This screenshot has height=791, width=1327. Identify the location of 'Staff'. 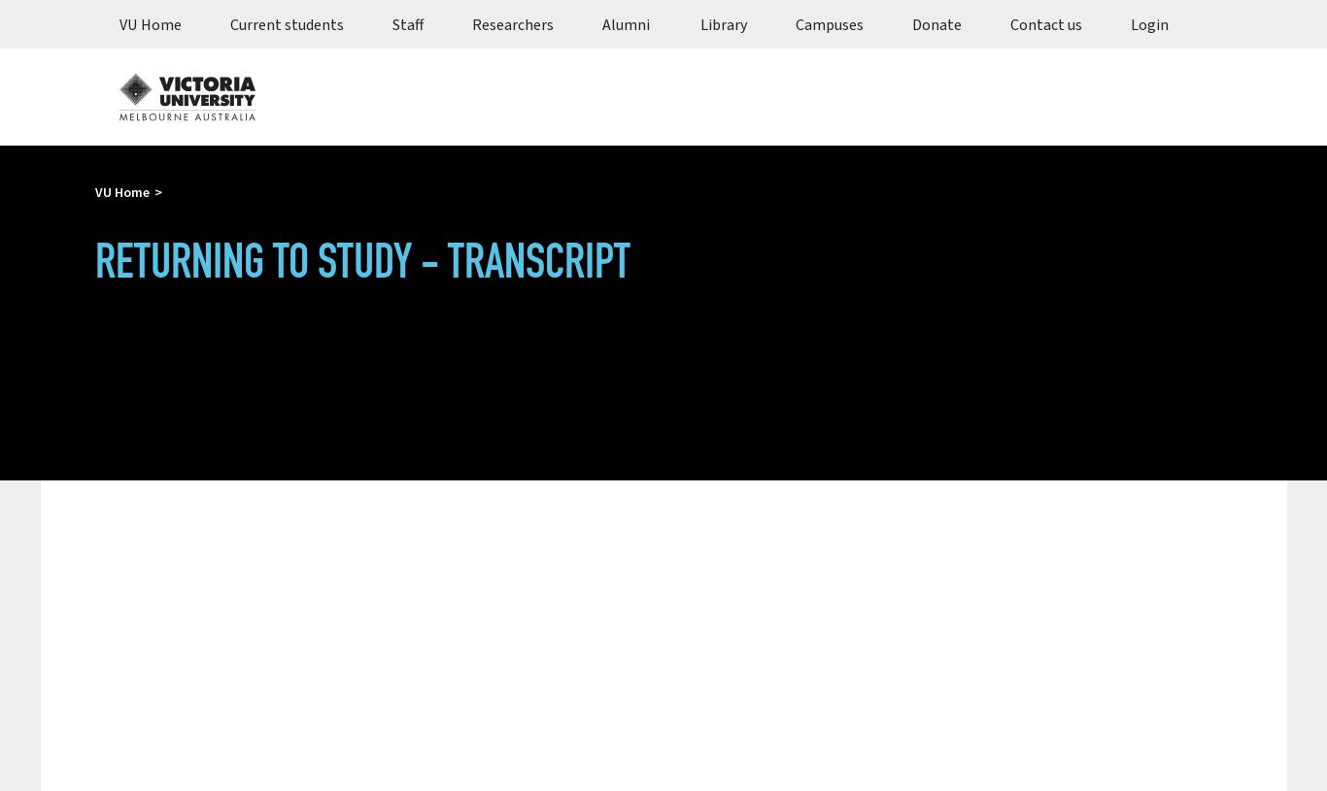
(407, 23).